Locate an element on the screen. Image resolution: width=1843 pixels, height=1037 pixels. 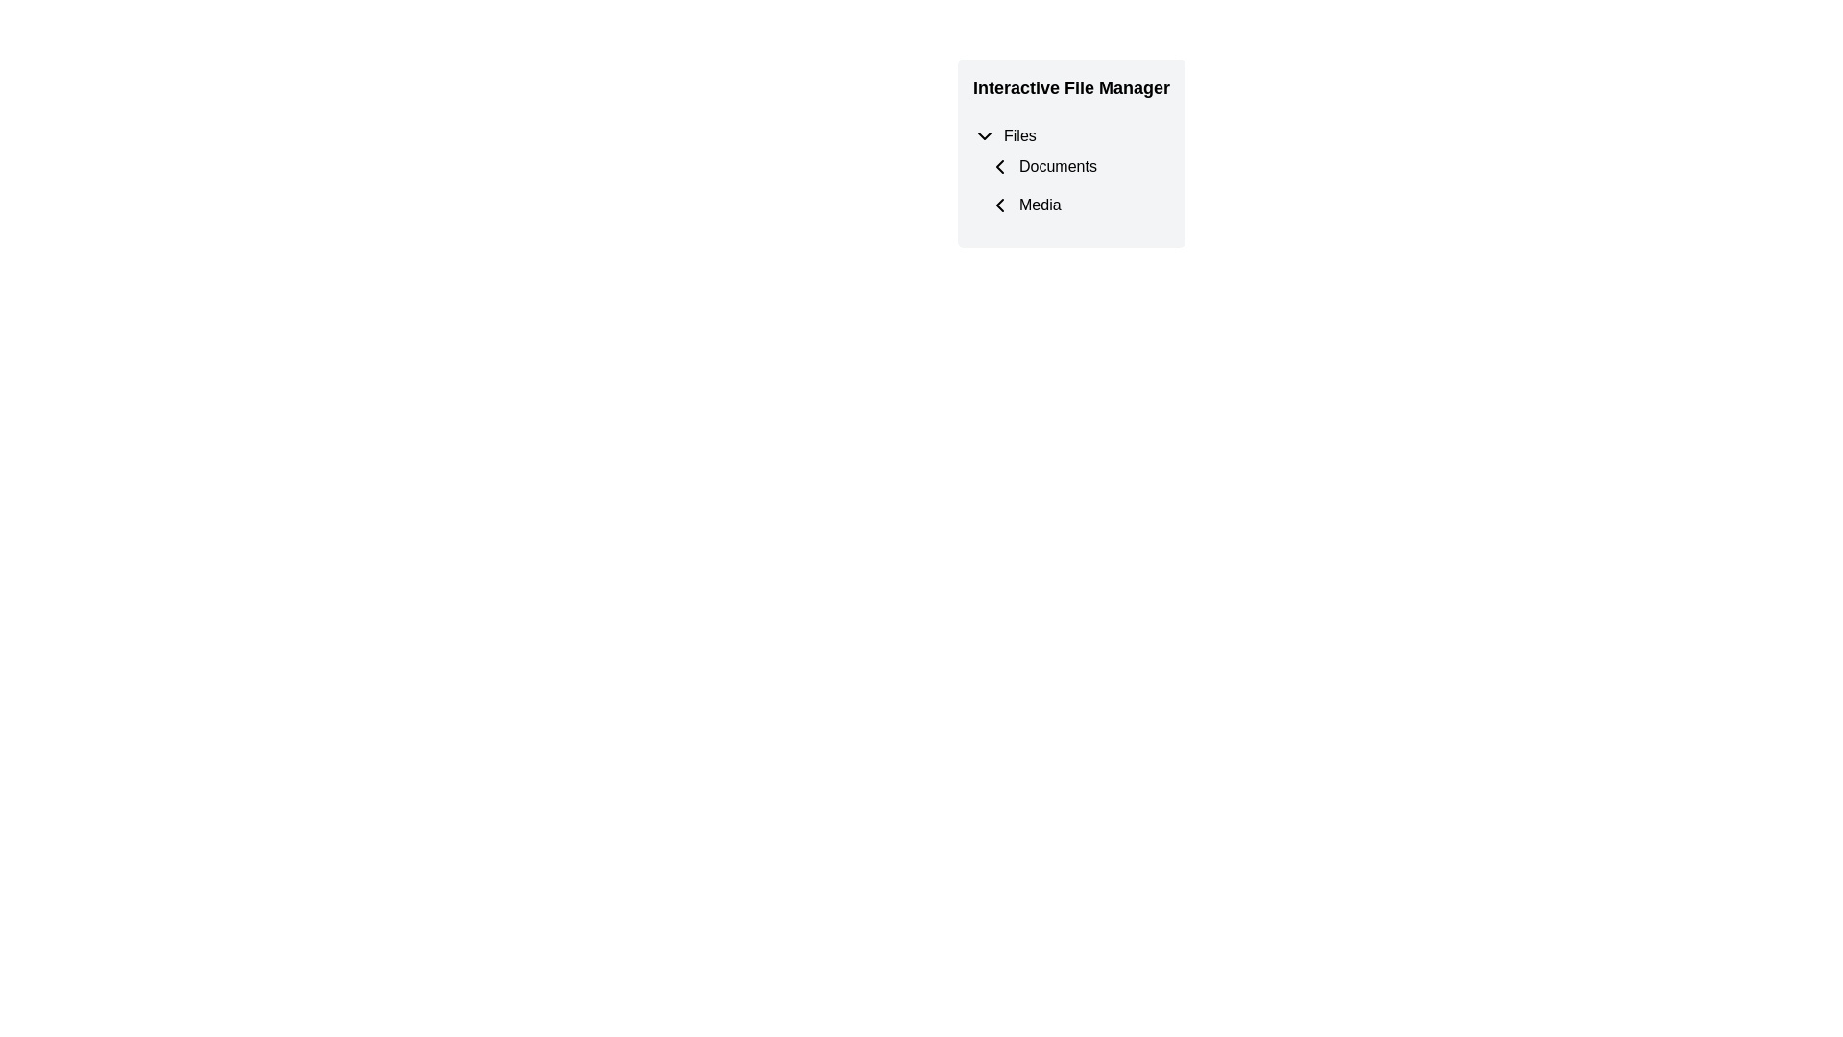
the 'Documents' text label with leftwards arrow icon in the vertical list of the Interactive File Manager is located at coordinates (1070, 165).